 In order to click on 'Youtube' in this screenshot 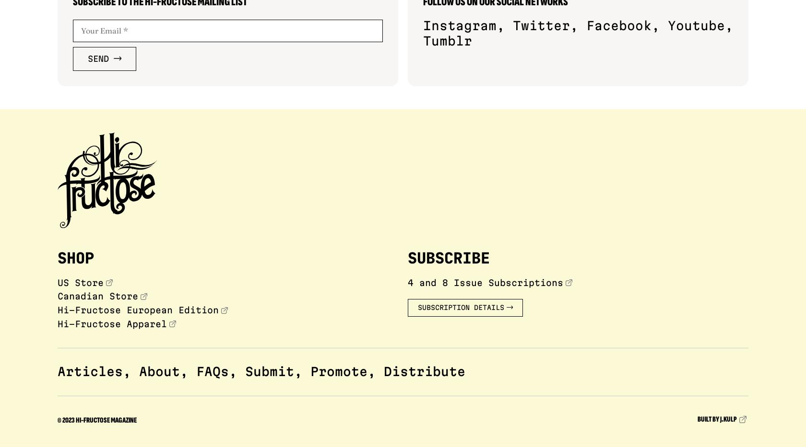, I will do `click(696, 24)`.